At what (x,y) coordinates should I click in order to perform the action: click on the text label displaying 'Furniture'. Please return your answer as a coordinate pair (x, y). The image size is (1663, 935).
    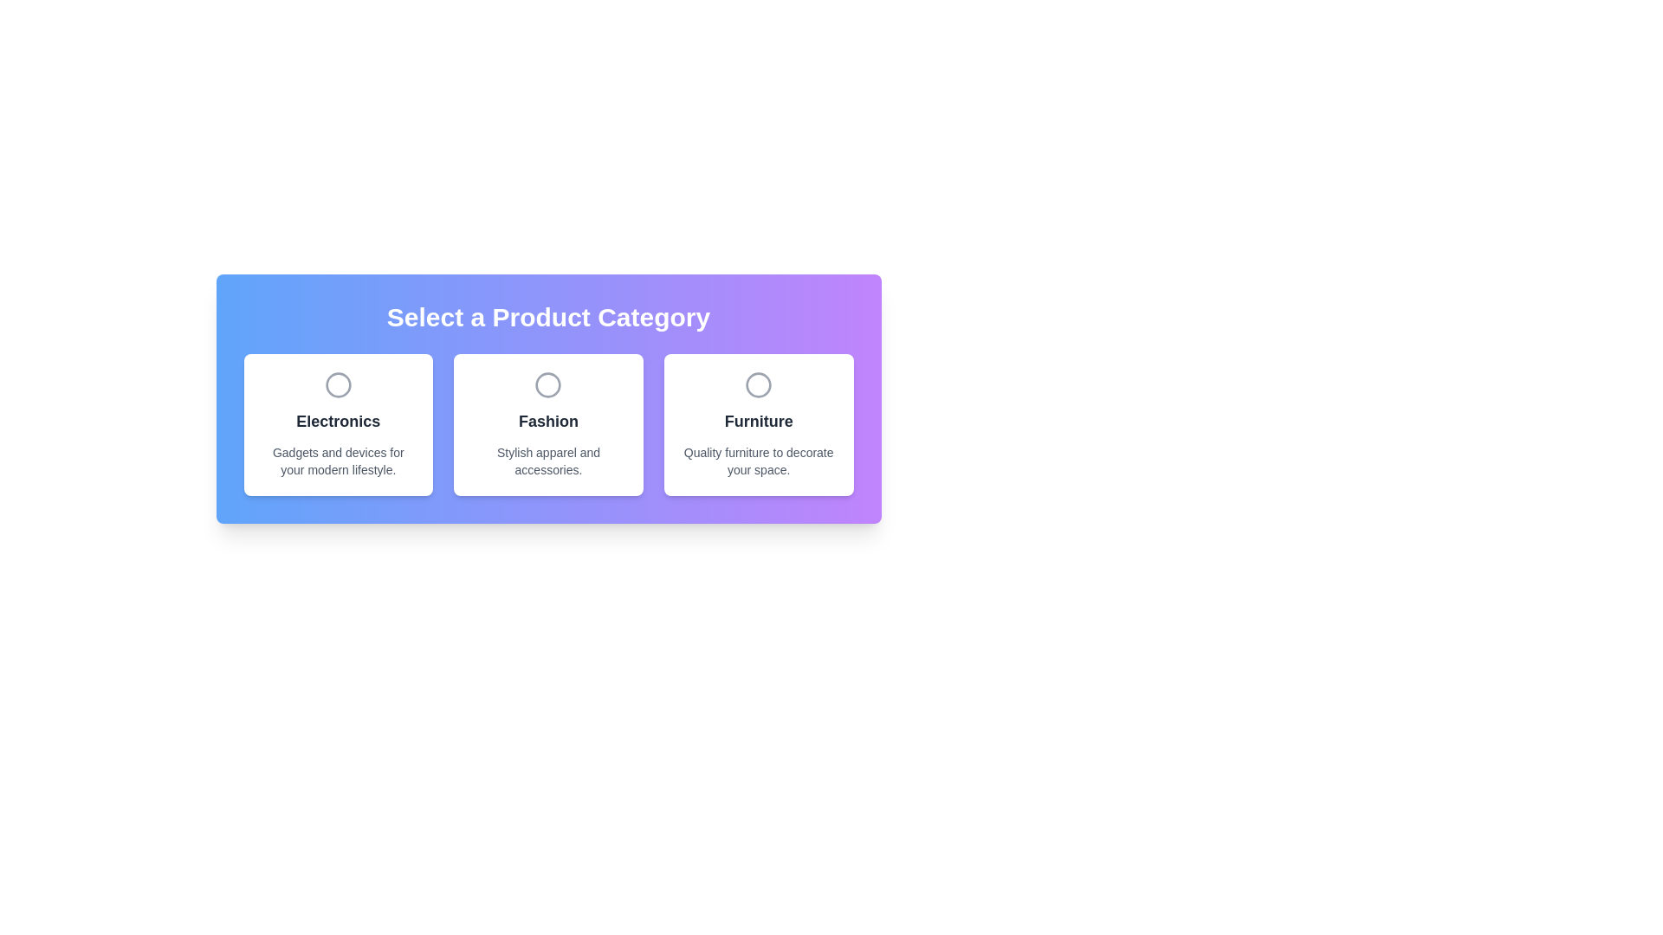
    Looking at the image, I should click on (759, 421).